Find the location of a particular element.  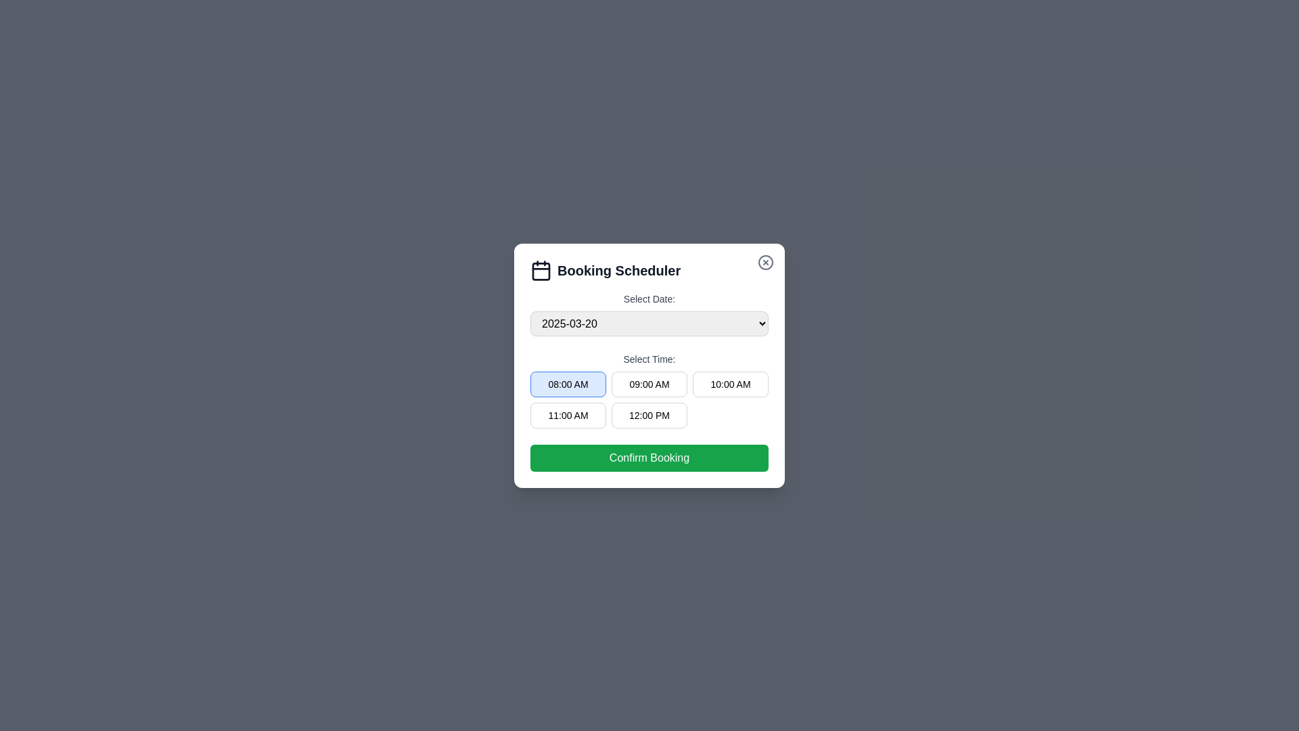

the '10:00 AM' button is located at coordinates (730, 384).